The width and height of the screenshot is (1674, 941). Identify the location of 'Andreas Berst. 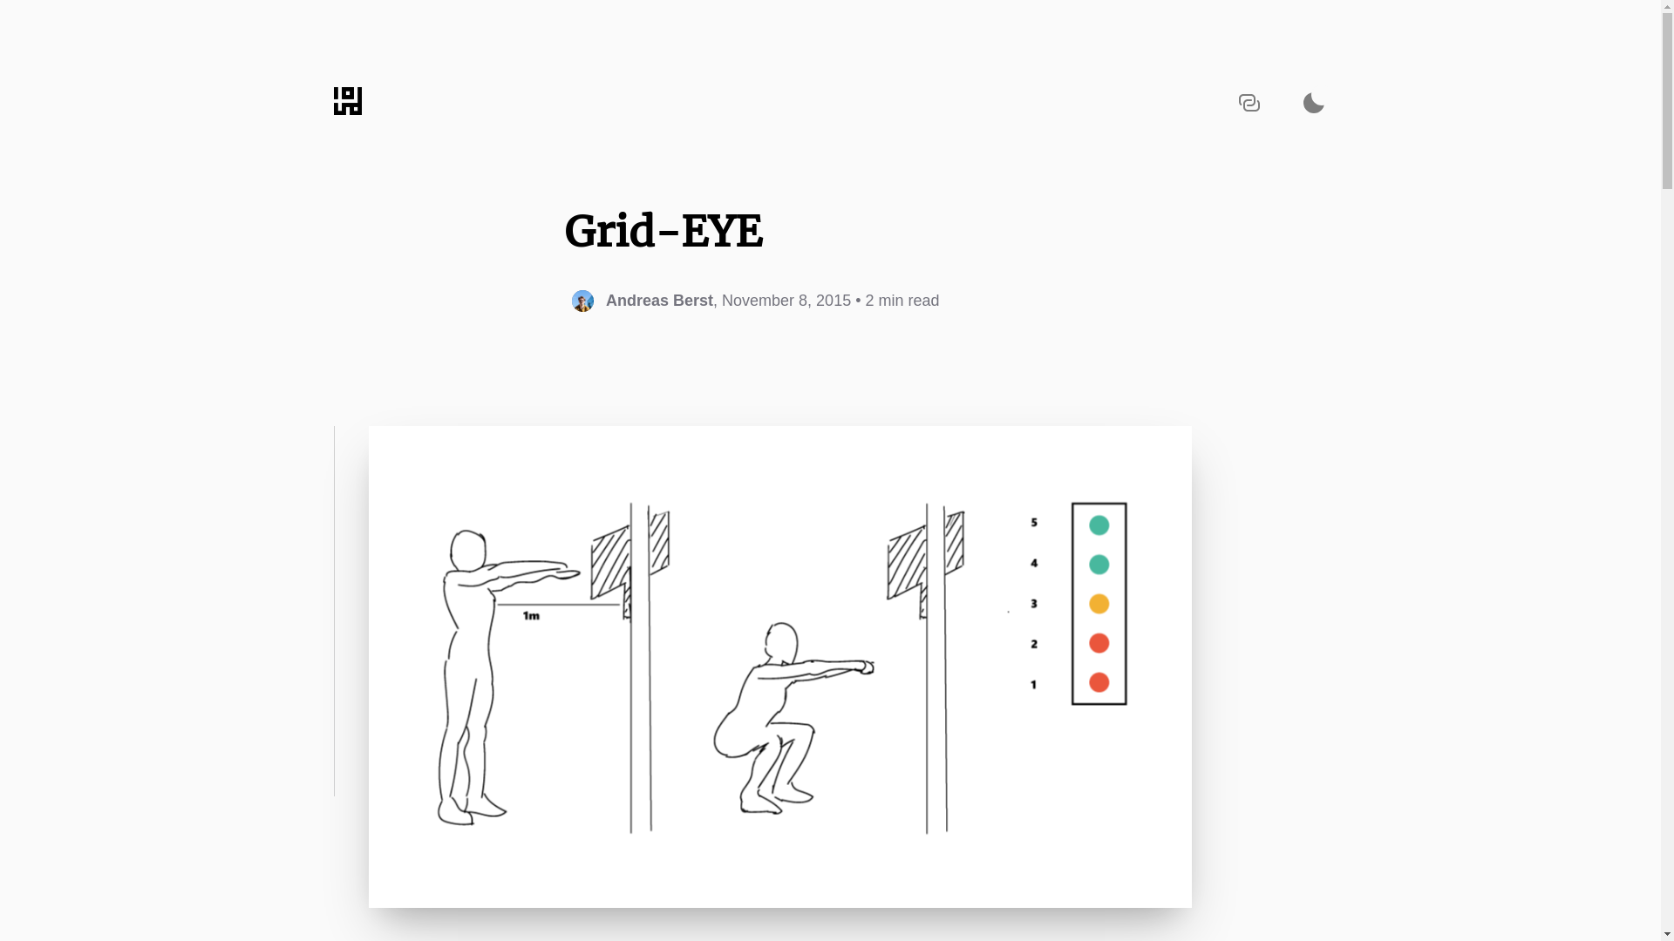
(646, 300).